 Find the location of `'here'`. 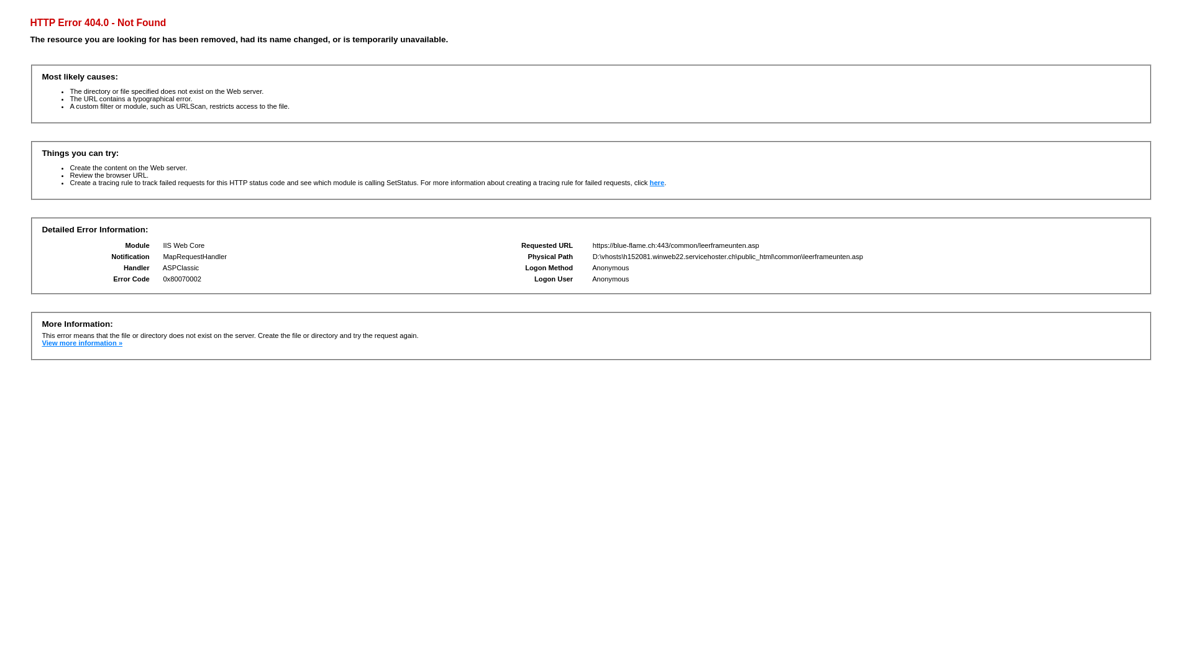

'here' is located at coordinates (656, 182).